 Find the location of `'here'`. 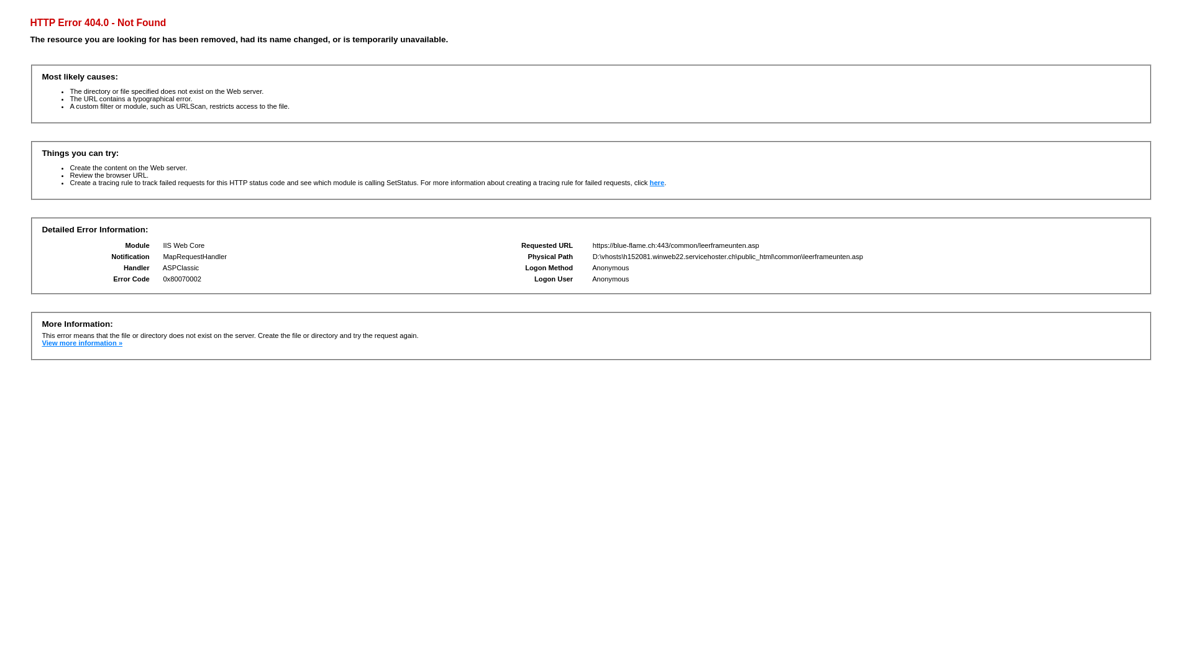

'here' is located at coordinates (656, 182).